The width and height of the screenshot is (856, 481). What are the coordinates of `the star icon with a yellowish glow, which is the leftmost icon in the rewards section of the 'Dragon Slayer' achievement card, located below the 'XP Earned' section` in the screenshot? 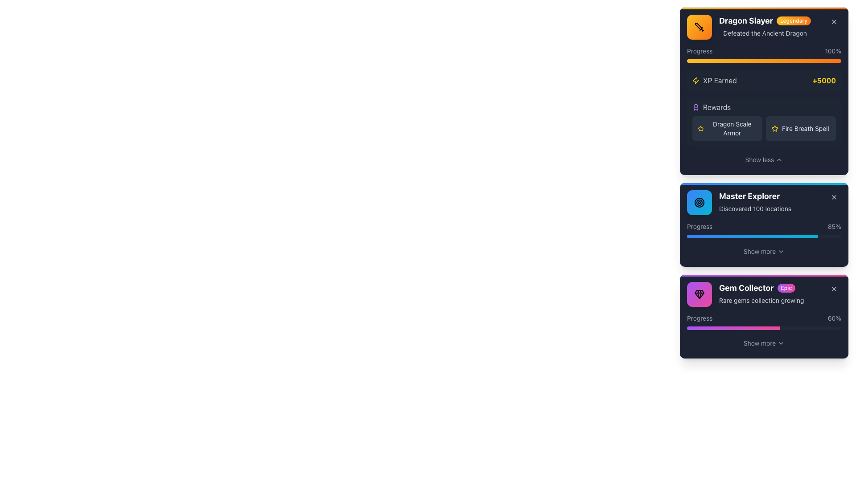 It's located at (700, 129).